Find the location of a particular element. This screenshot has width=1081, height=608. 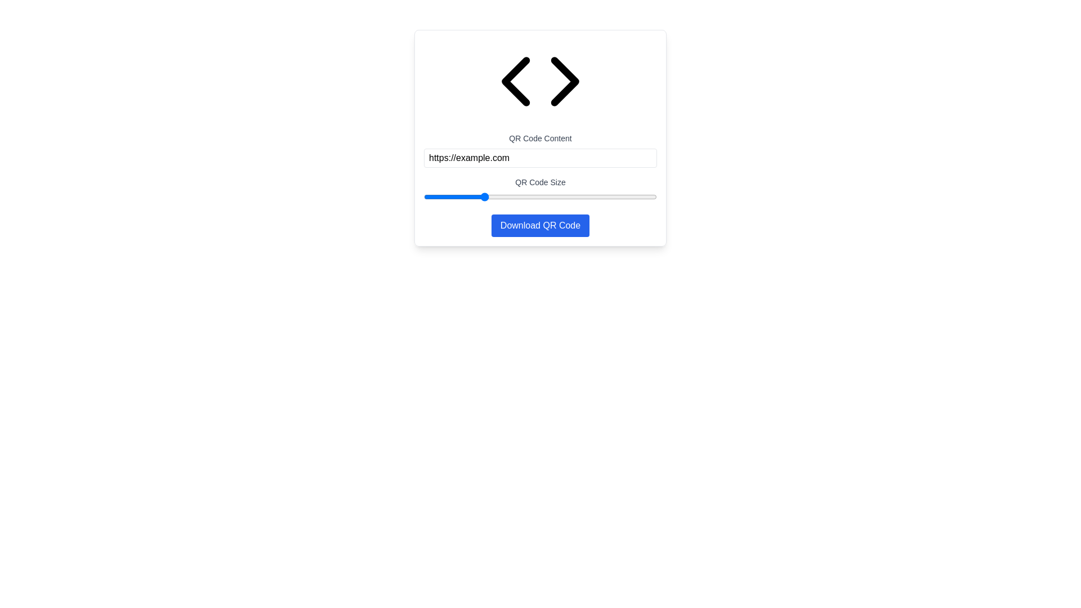

QR code size is located at coordinates (574, 196).